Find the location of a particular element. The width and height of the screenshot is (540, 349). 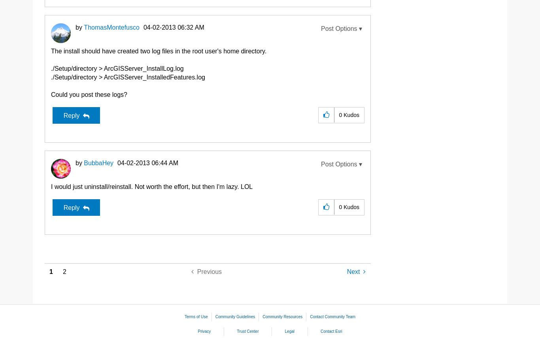

'BubbaHey' is located at coordinates (98, 163).